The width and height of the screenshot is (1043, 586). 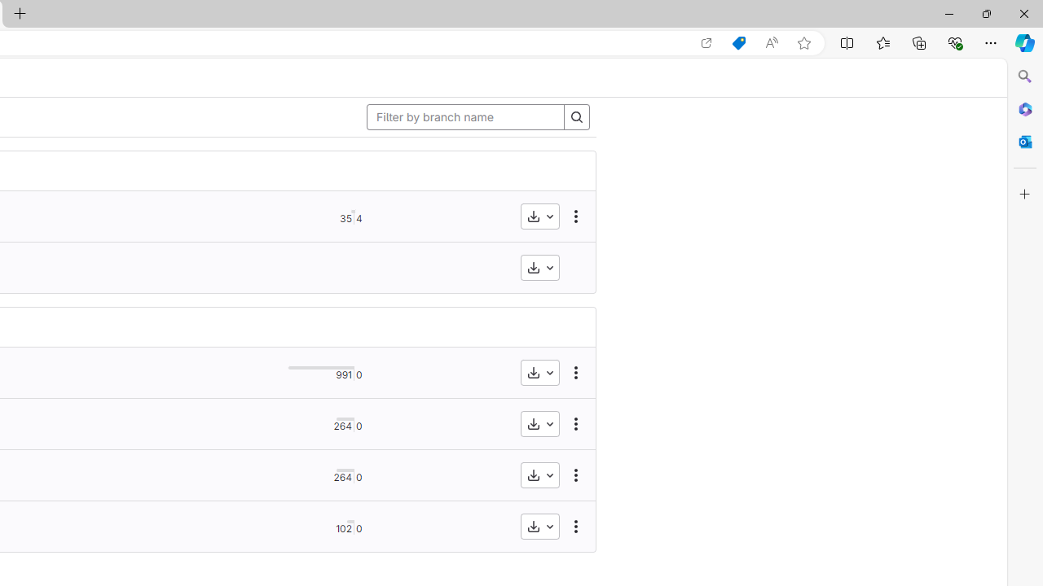 I want to click on 'Close Outlook pane', so click(x=1024, y=141).